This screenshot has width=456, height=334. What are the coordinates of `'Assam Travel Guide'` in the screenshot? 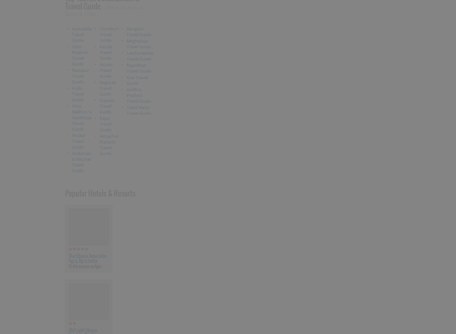 It's located at (106, 70).